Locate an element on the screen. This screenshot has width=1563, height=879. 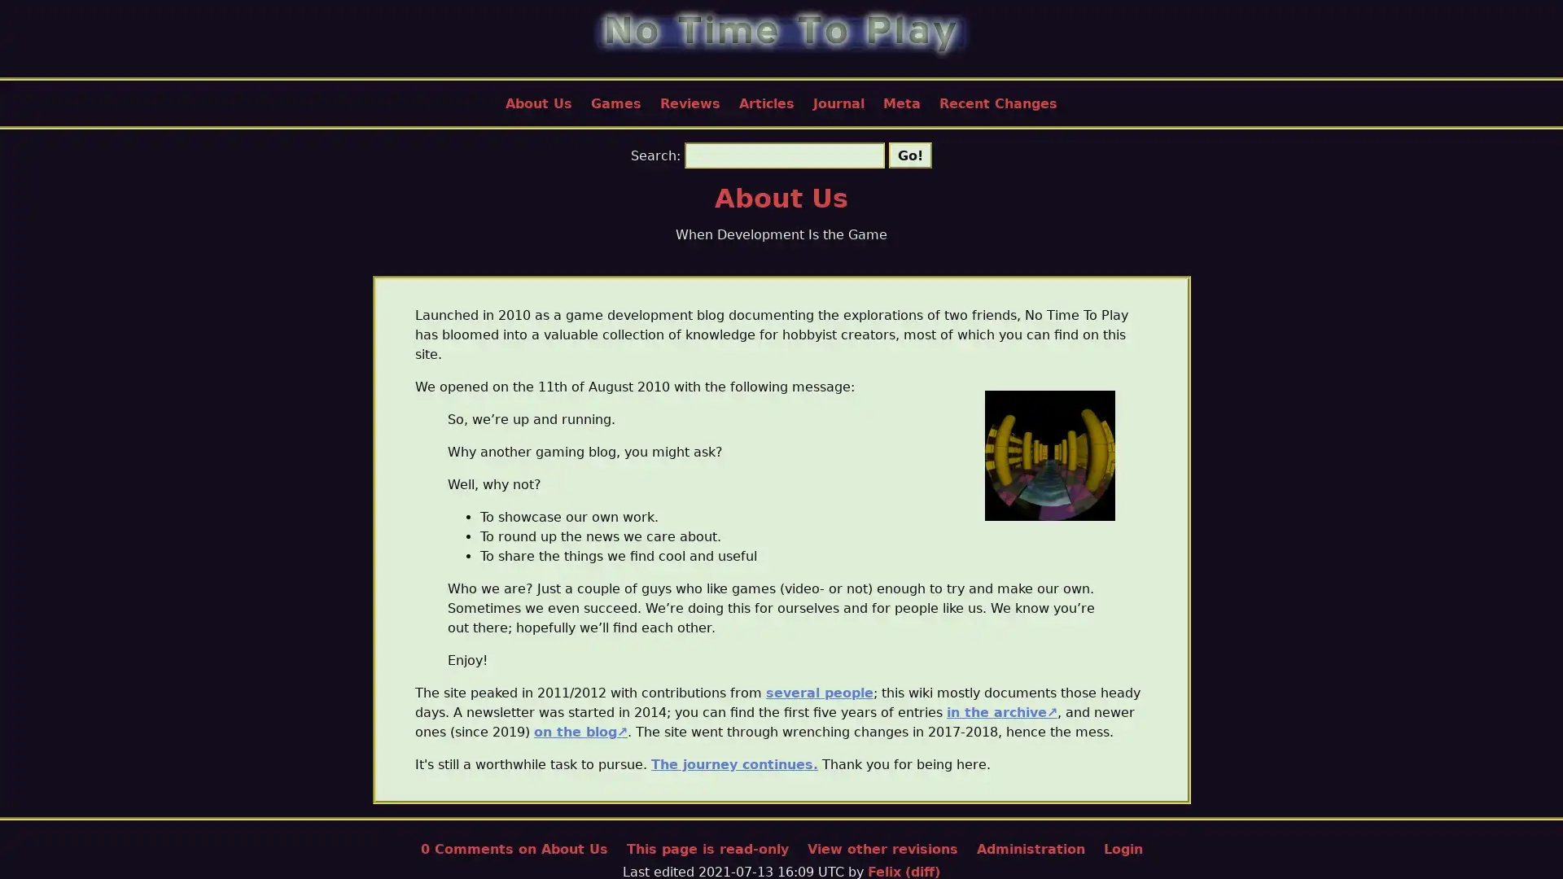
Go! is located at coordinates (909, 155).